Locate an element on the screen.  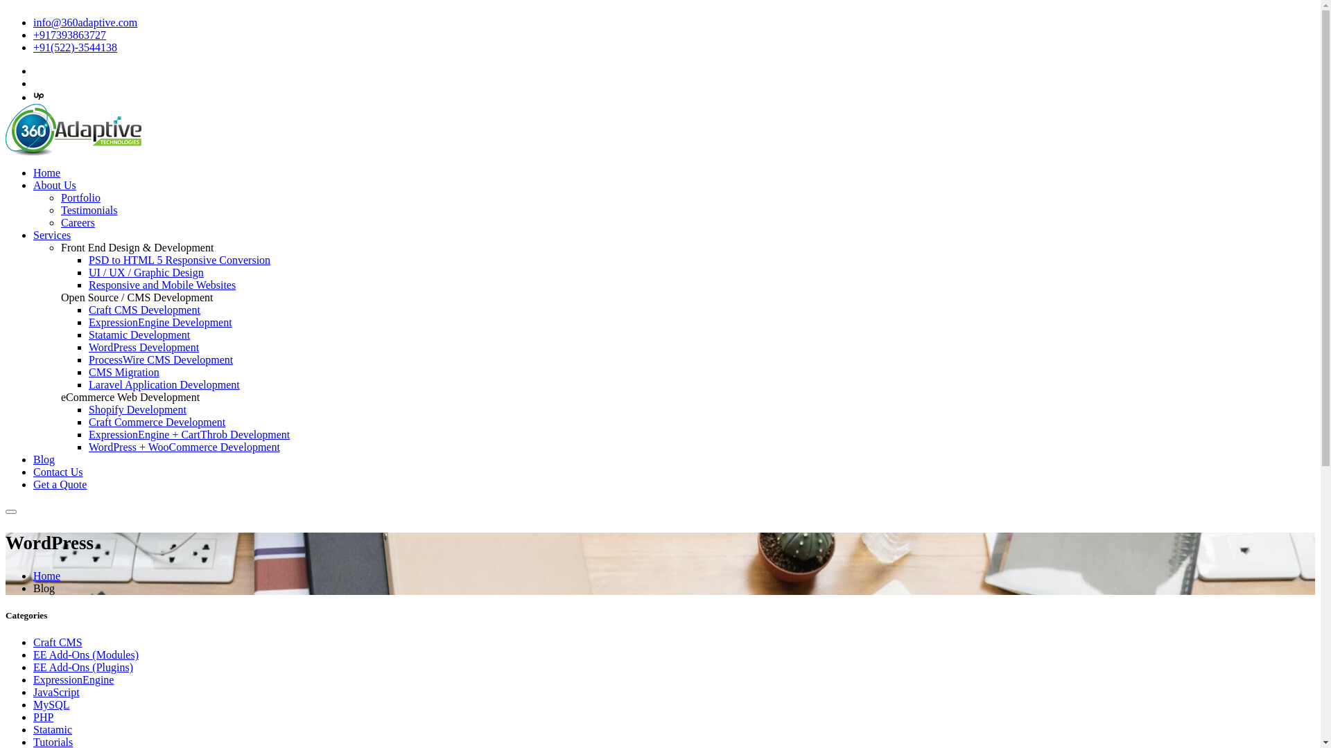
'UI / UX / Graphic Design' is located at coordinates (146, 272).